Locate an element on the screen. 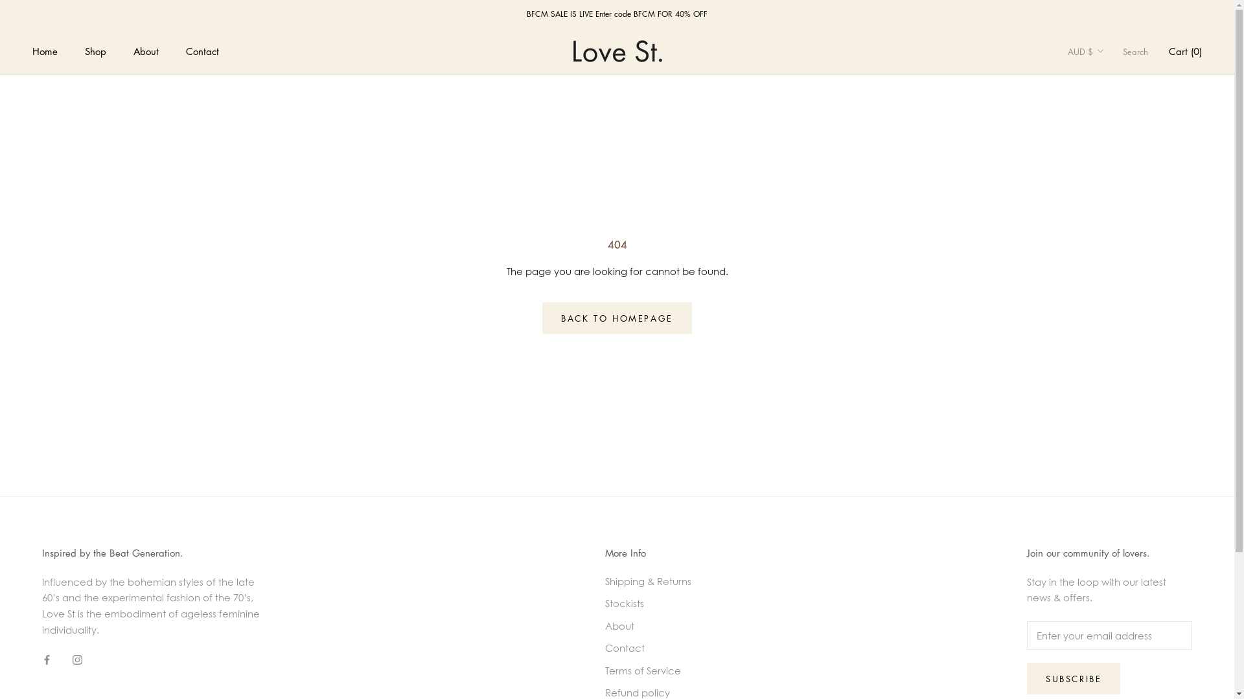 The width and height of the screenshot is (1244, 699). 'SUBSCRIBE' is located at coordinates (1073, 678).